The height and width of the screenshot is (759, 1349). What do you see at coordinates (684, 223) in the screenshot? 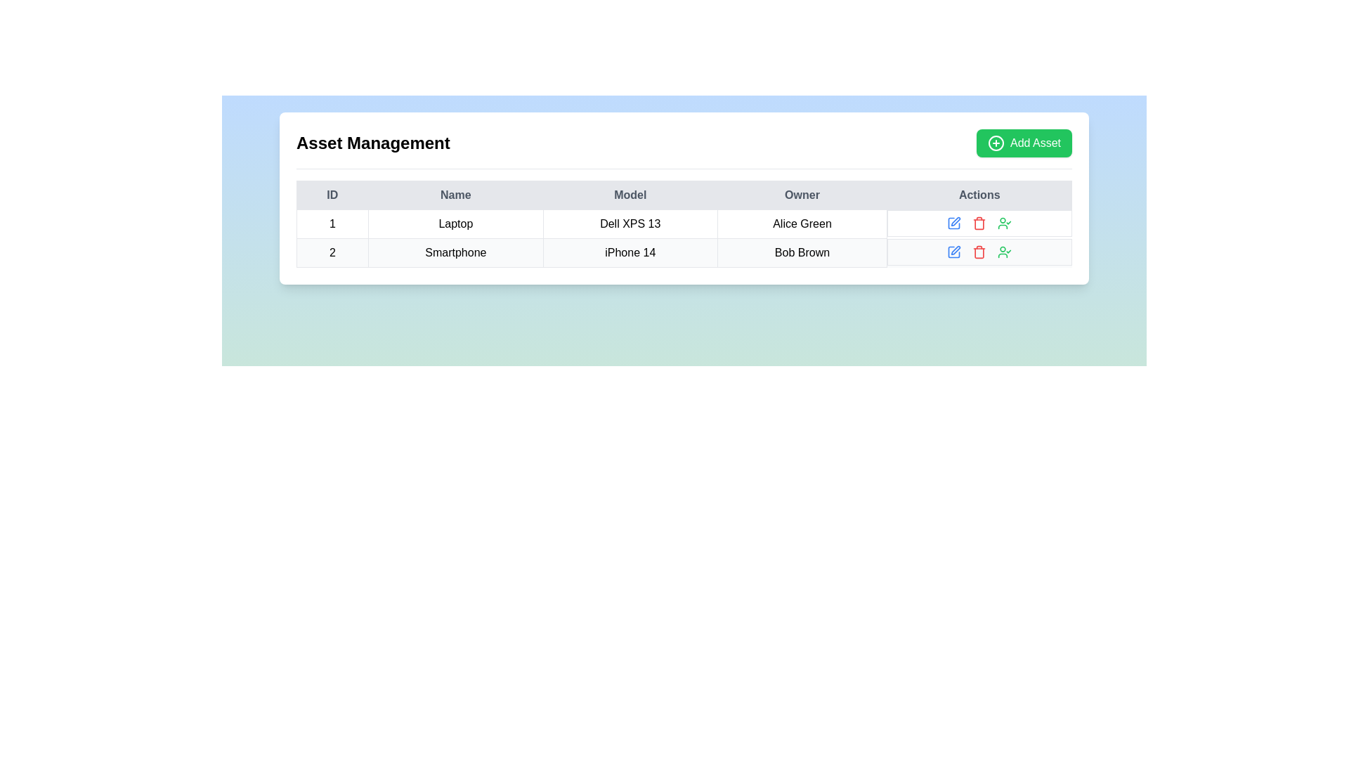
I see `the first row of the Asset Management table to access individual cells for details` at bounding box center [684, 223].